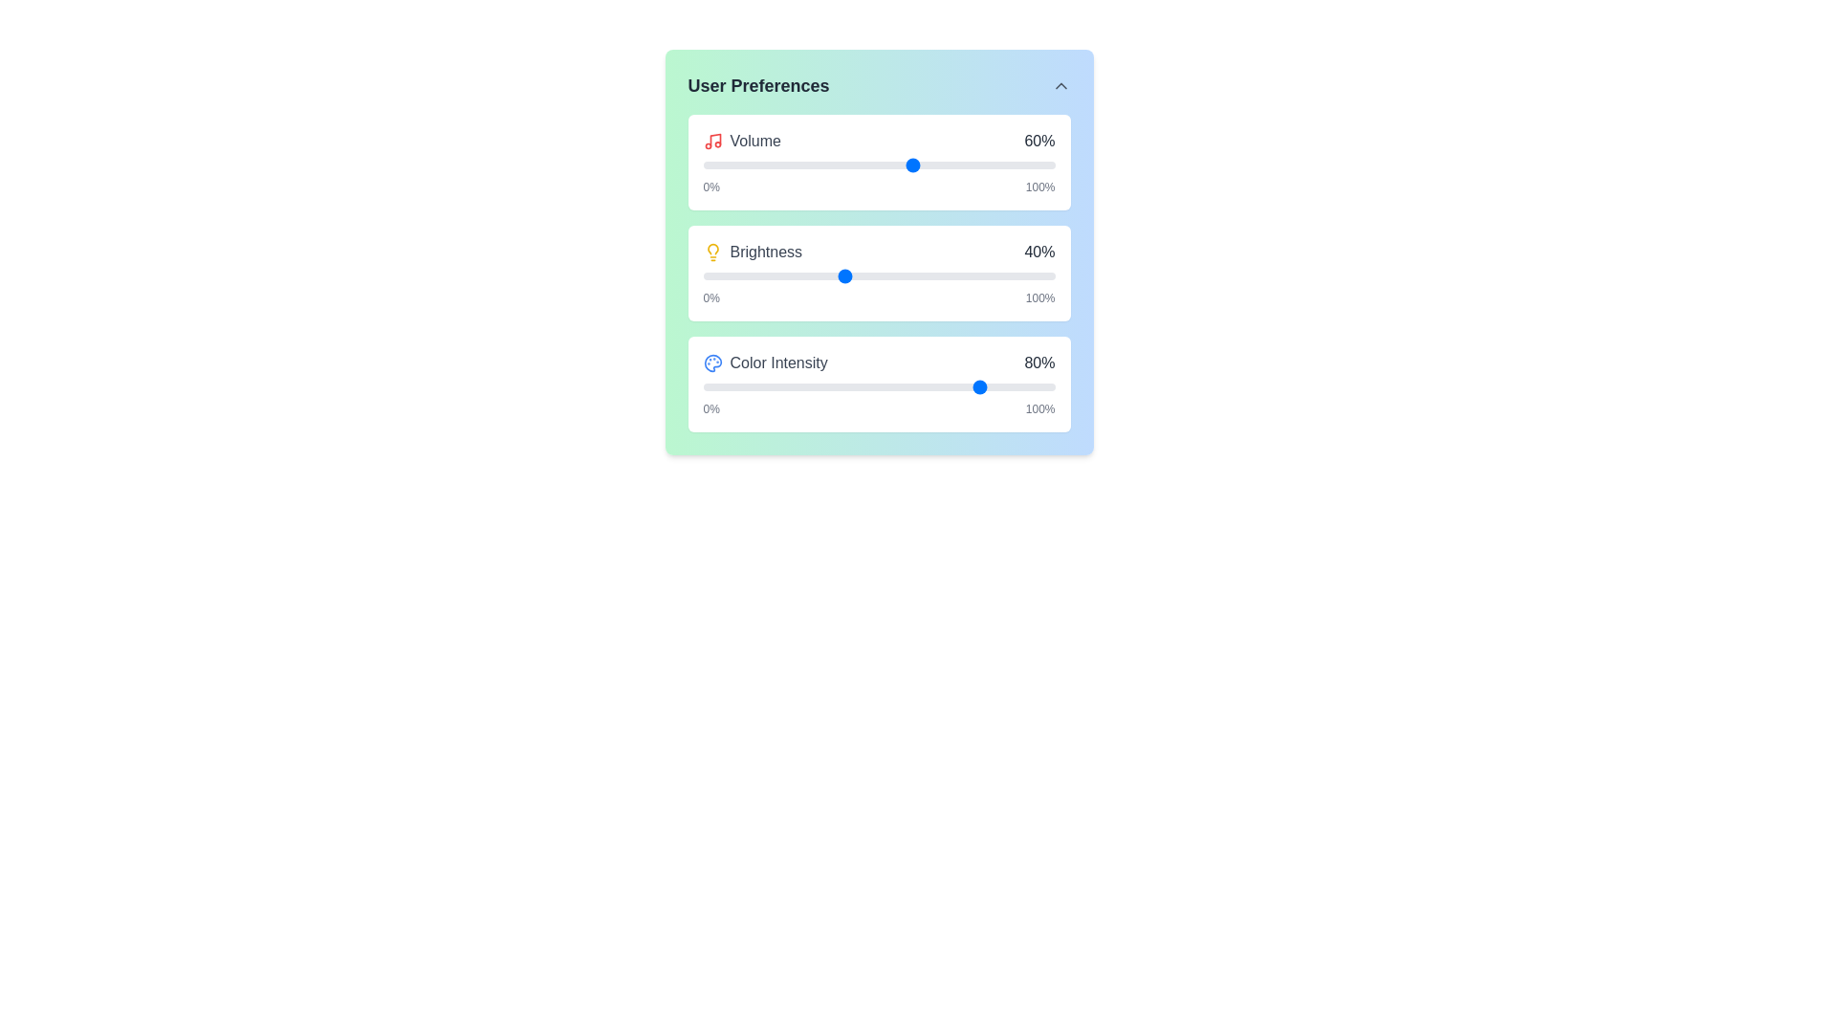 This screenshot has height=1033, width=1836. What do you see at coordinates (1060, 84) in the screenshot?
I see `the upward-facing chevron icon adjacent to the 'User Preferences' header at the top-right corner of the interface` at bounding box center [1060, 84].